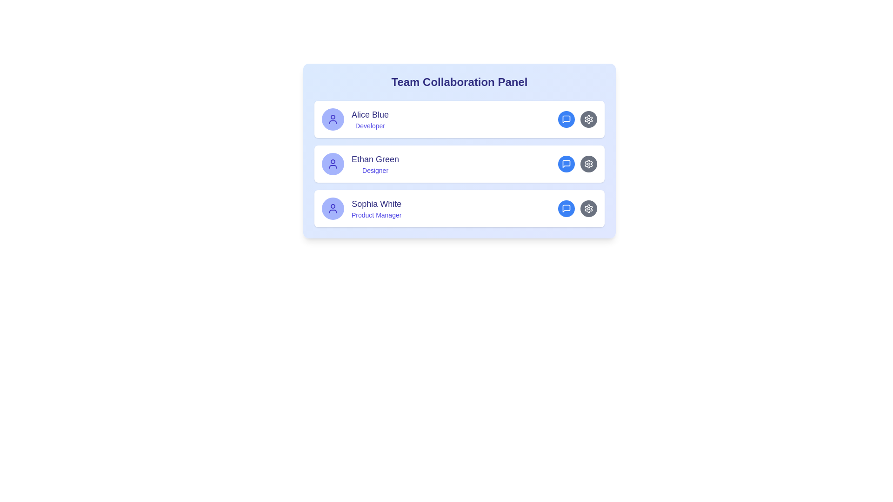 The height and width of the screenshot is (502, 893). What do you see at coordinates (566, 208) in the screenshot?
I see `the blue speech bubble icon within the circular button for 'Sophia White', located on the right side of her row in the Team Collaboration Panel` at bounding box center [566, 208].